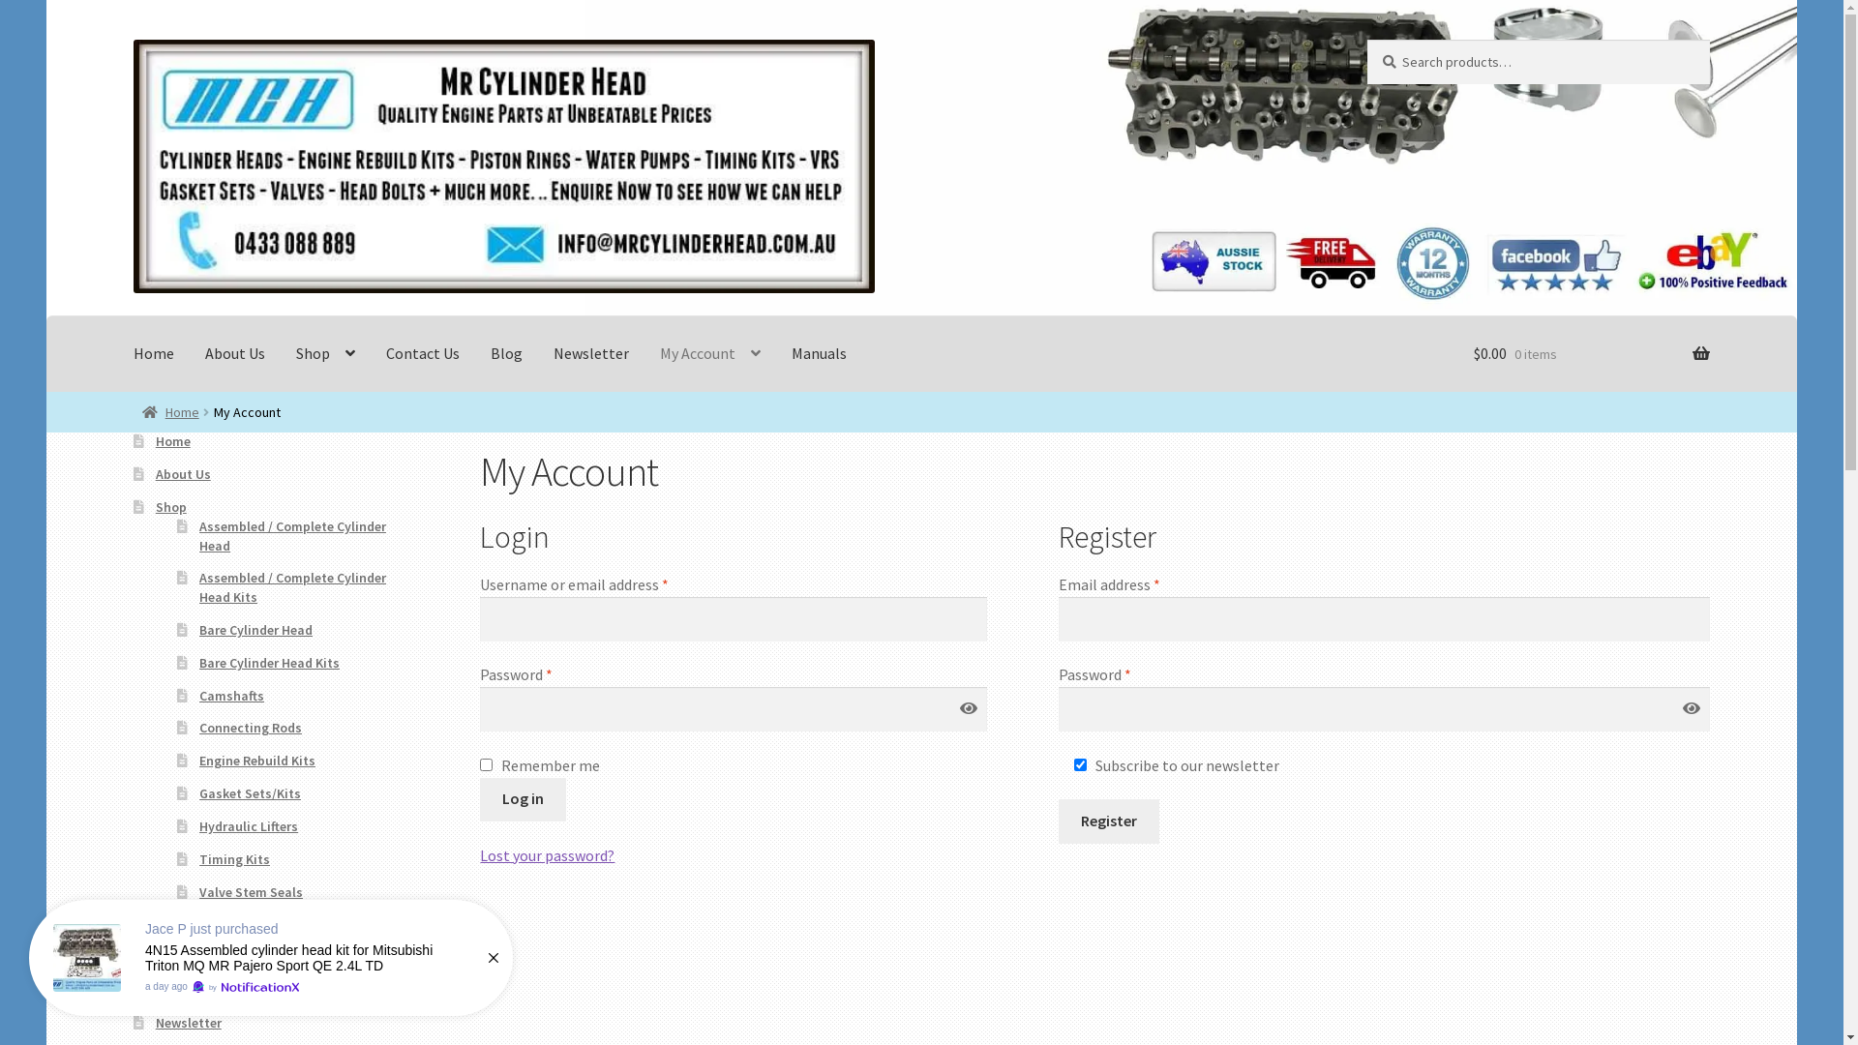 Image resolution: width=1858 pixels, height=1045 pixels. What do you see at coordinates (819, 353) in the screenshot?
I see `'Manuals'` at bounding box center [819, 353].